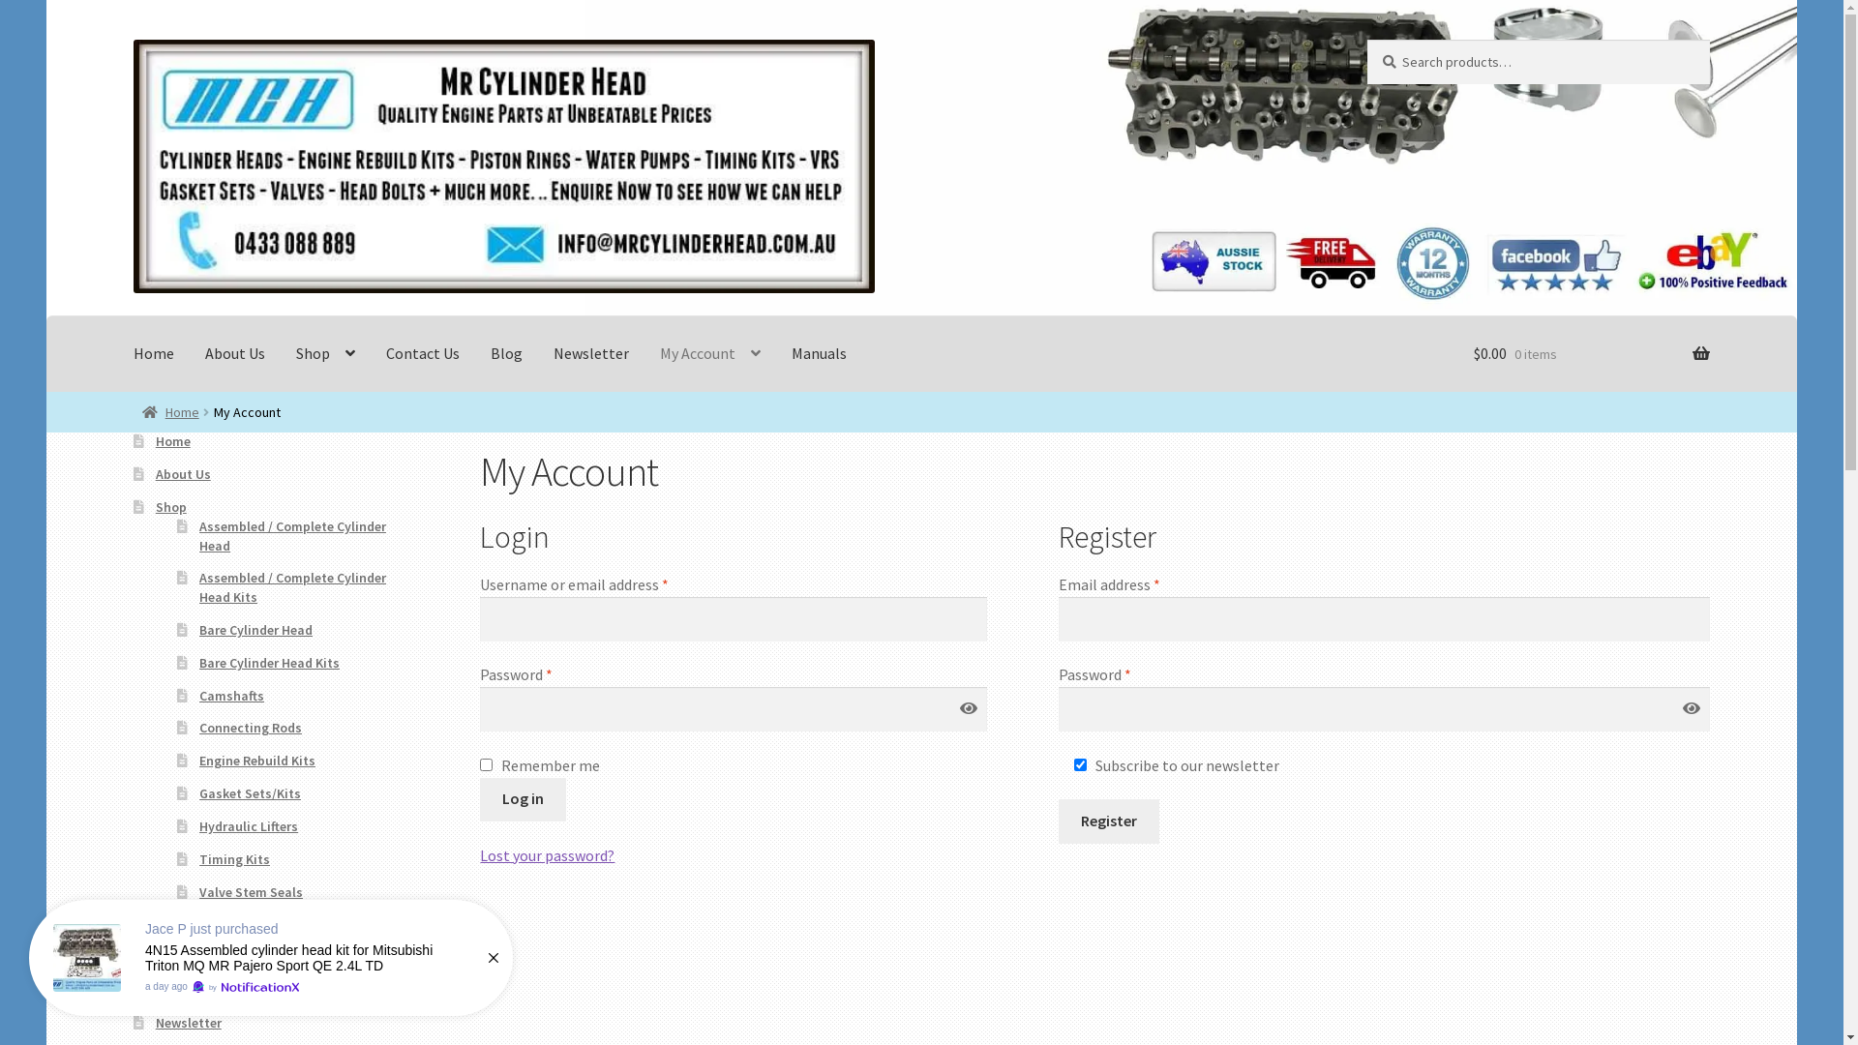 Image resolution: width=1858 pixels, height=1045 pixels. What do you see at coordinates (819, 353) in the screenshot?
I see `'Manuals'` at bounding box center [819, 353].